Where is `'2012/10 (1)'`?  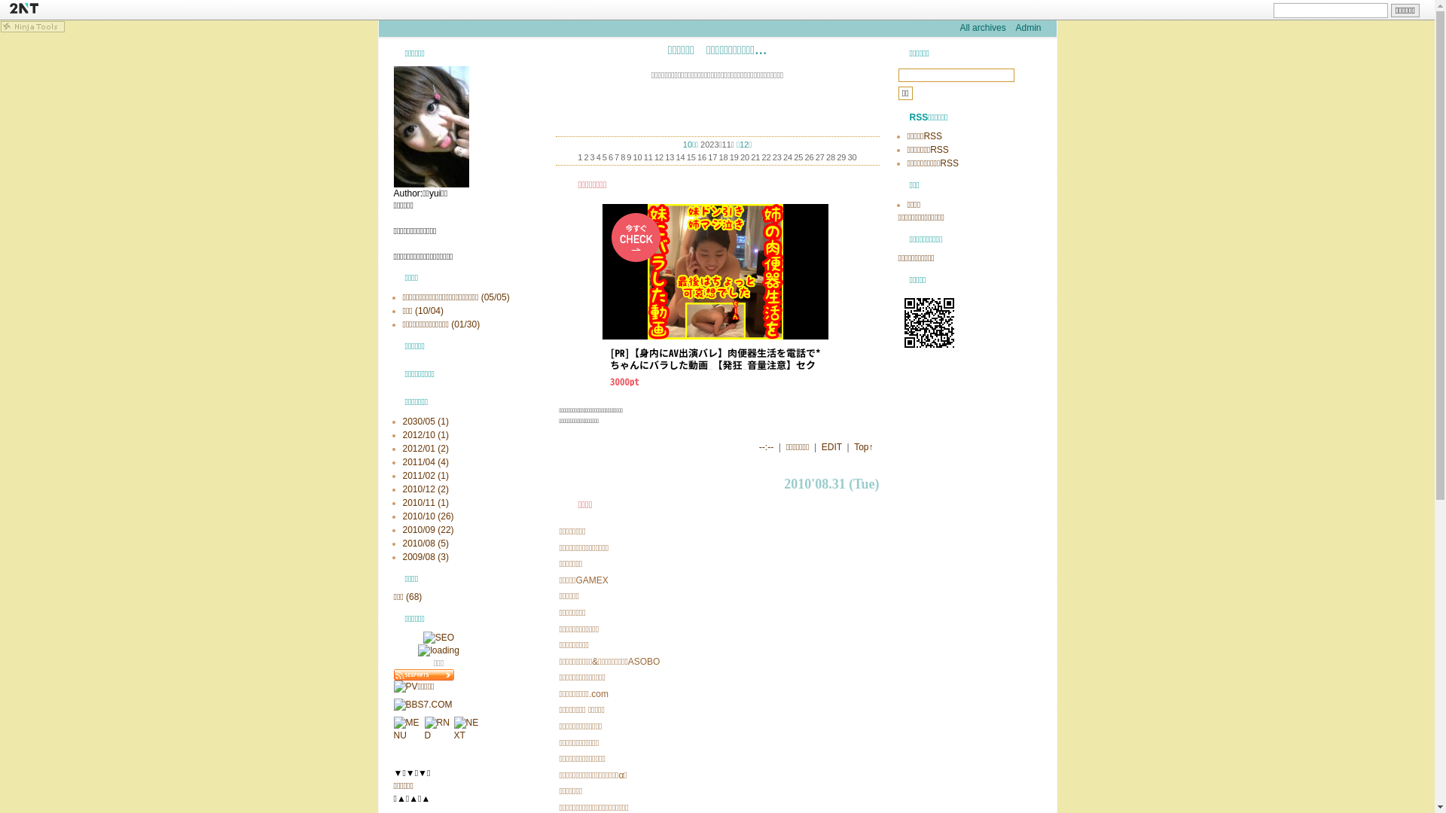
'2012/10 (1)' is located at coordinates (424, 435).